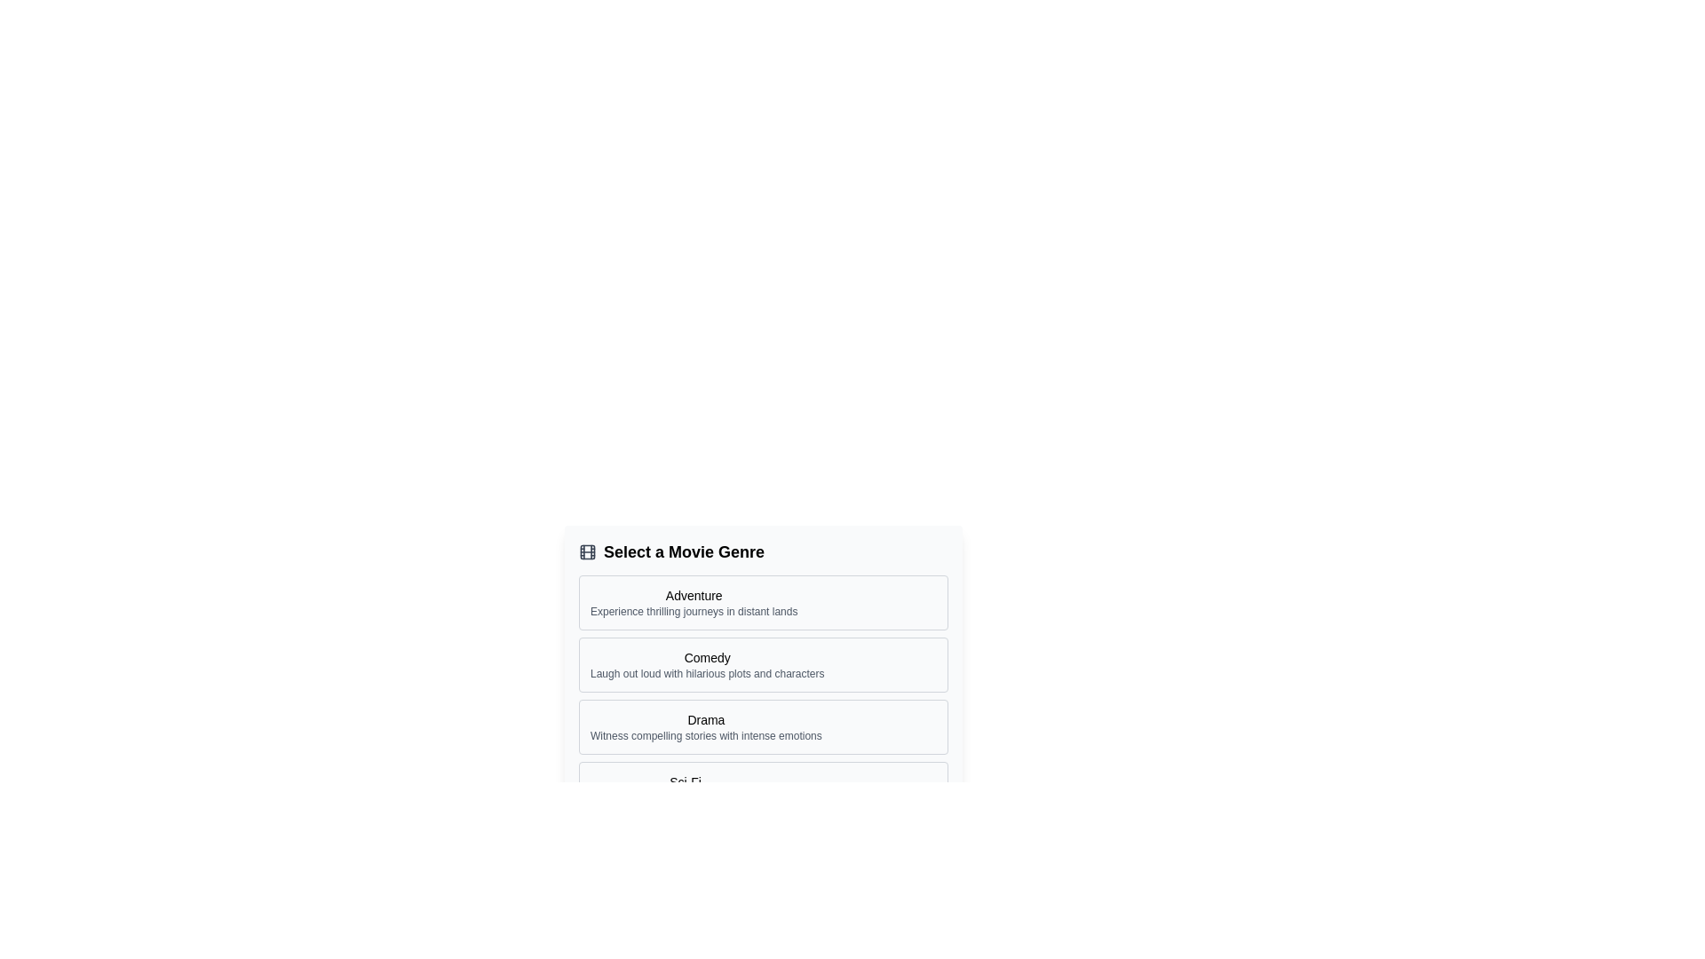  I want to click on the List item containing the bold text 'Sci-Fi' and the smaller gray text 'Explore futuristic and imaginative worlds', which is located within the fourth option of the movie genre selection list, so click(685, 788).